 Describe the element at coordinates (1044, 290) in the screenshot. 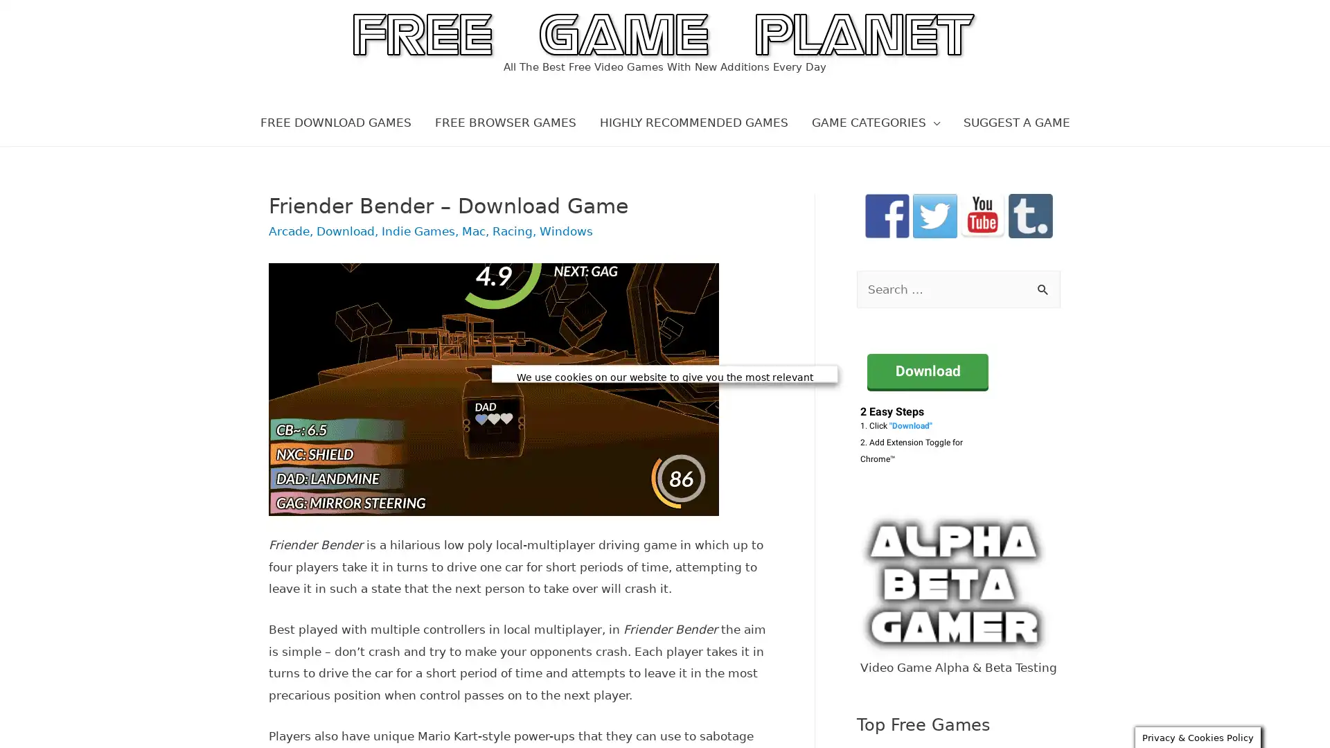

I see `Search` at that location.